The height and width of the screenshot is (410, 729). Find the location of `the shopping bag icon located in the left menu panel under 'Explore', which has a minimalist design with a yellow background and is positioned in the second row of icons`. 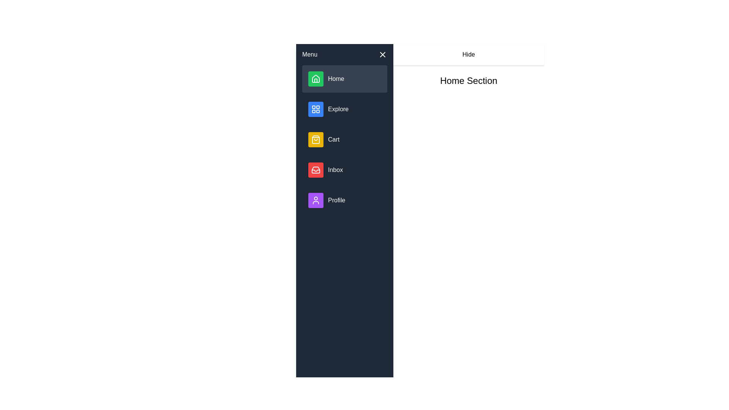

the shopping bag icon located in the left menu panel under 'Explore', which has a minimalist design with a yellow background and is positioned in the second row of icons is located at coordinates (316, 139).